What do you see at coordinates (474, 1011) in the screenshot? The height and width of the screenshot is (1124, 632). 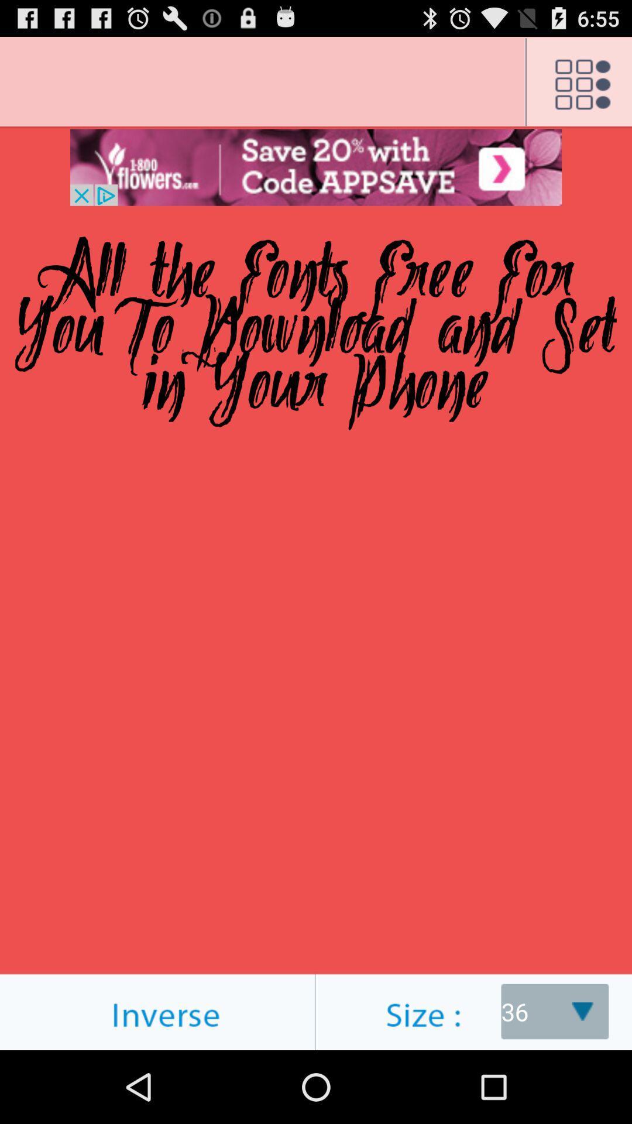 I see `size` at bounding box center [474, 1011].